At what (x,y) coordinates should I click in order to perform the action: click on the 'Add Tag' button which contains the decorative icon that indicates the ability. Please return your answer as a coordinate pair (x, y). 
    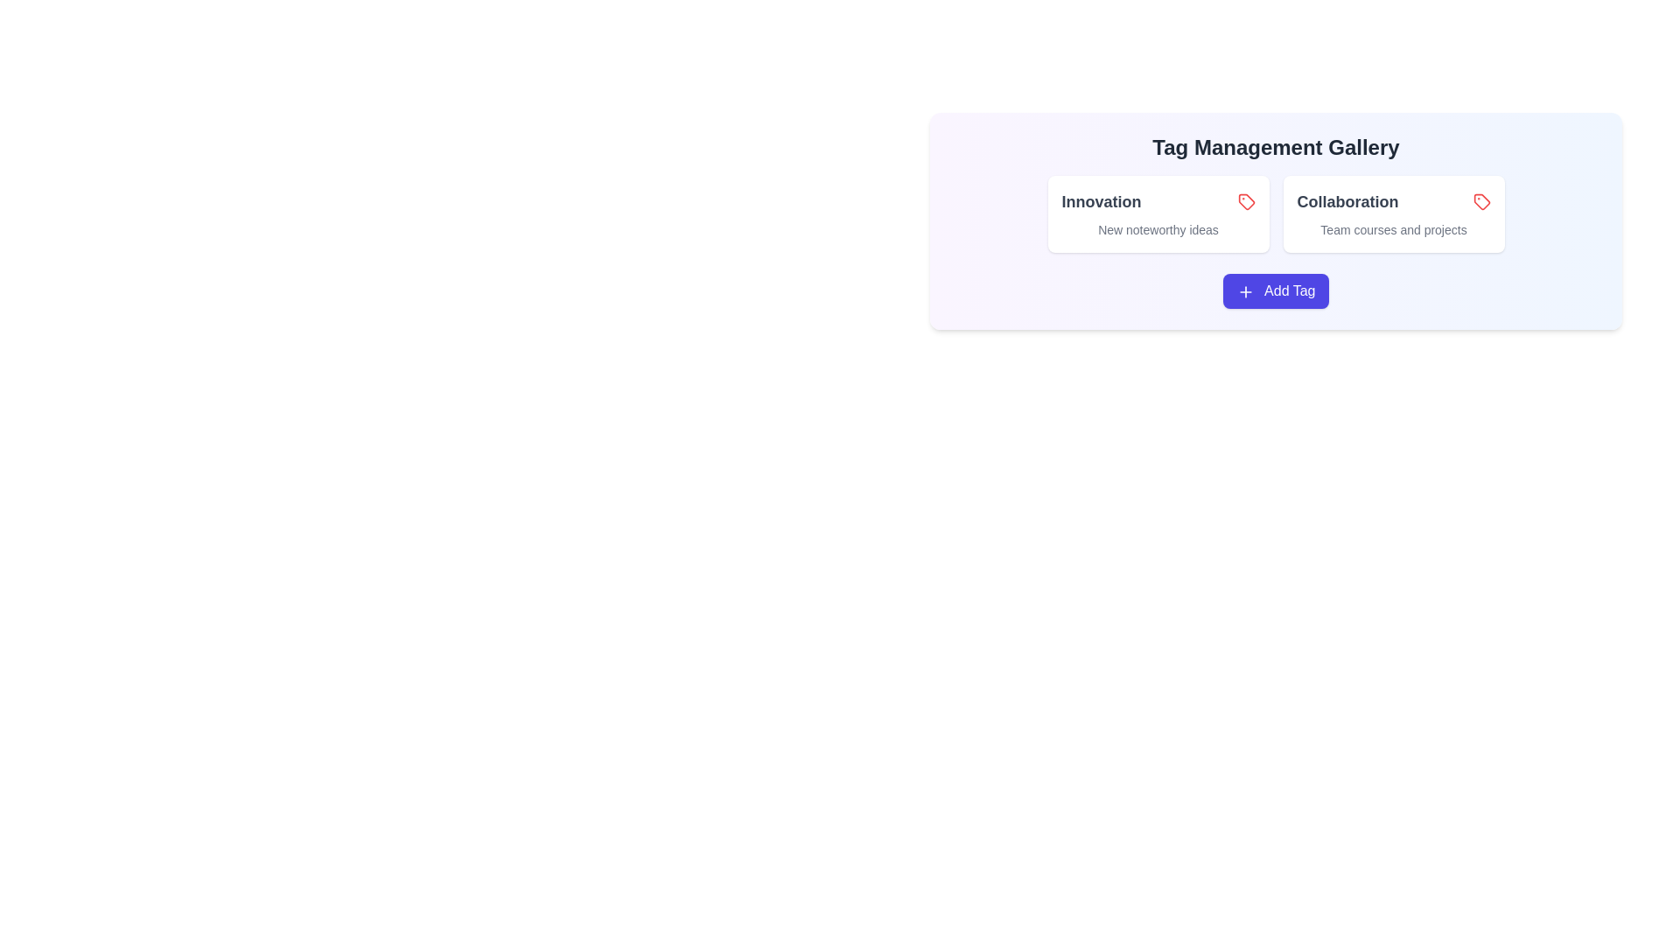
    Looking at the image, I should click on (1244, 290).